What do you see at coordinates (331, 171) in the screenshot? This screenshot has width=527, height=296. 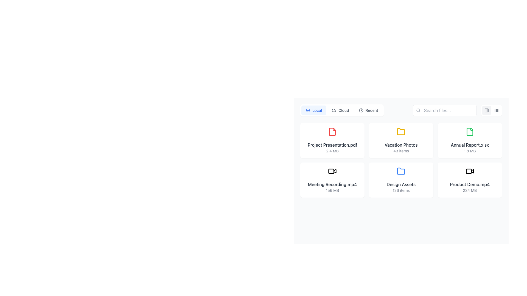 I see `Icon component (SVG rectangle) representing the main body of the camera icon located in the lower right corner of the meeting recording tile` at bounding box center [331, 171].